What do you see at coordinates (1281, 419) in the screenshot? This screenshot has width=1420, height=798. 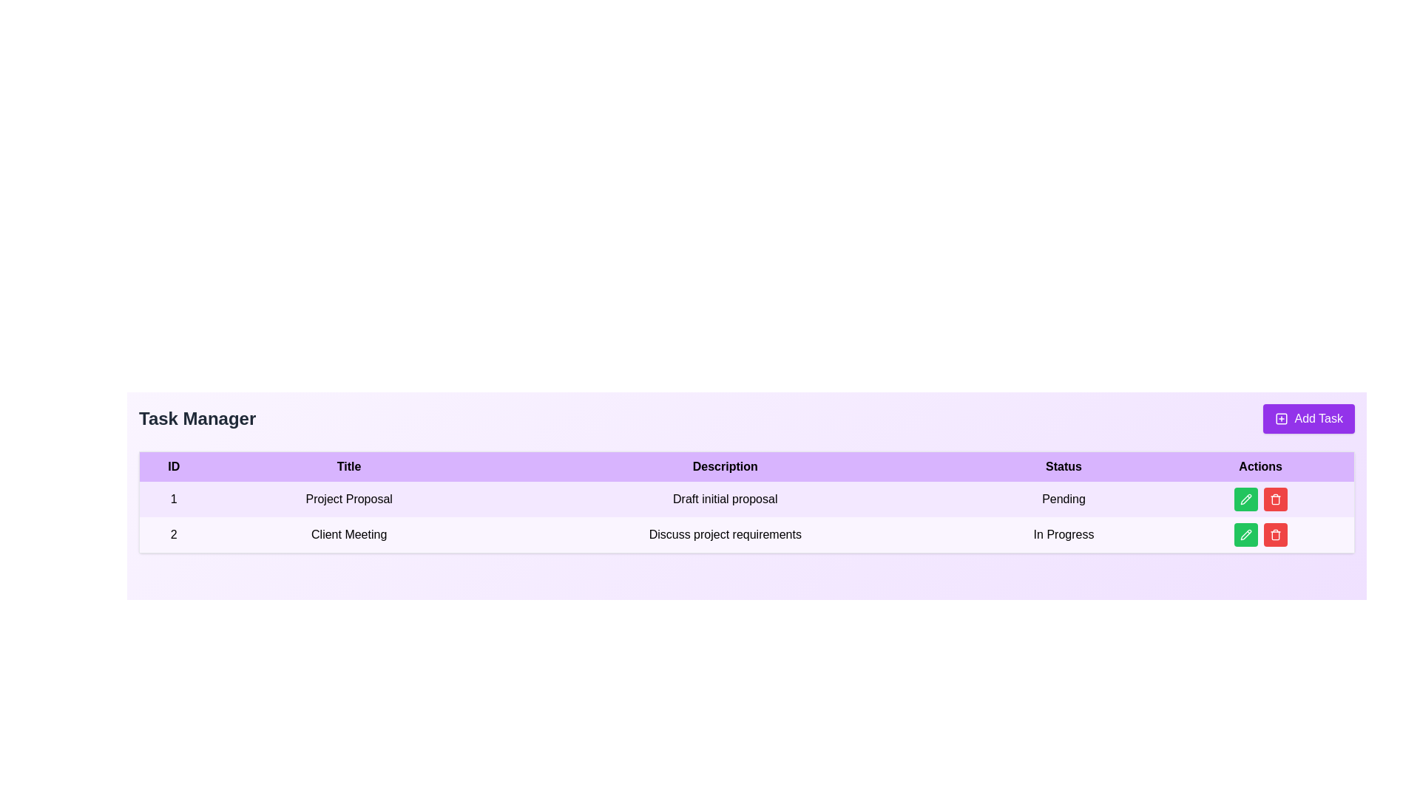 I see `the rounded rectangle SVG graphic component with a '+' symbol located within the 'Add Task' button at the top-right corner of the interface` at bounding box center [1281, 419].